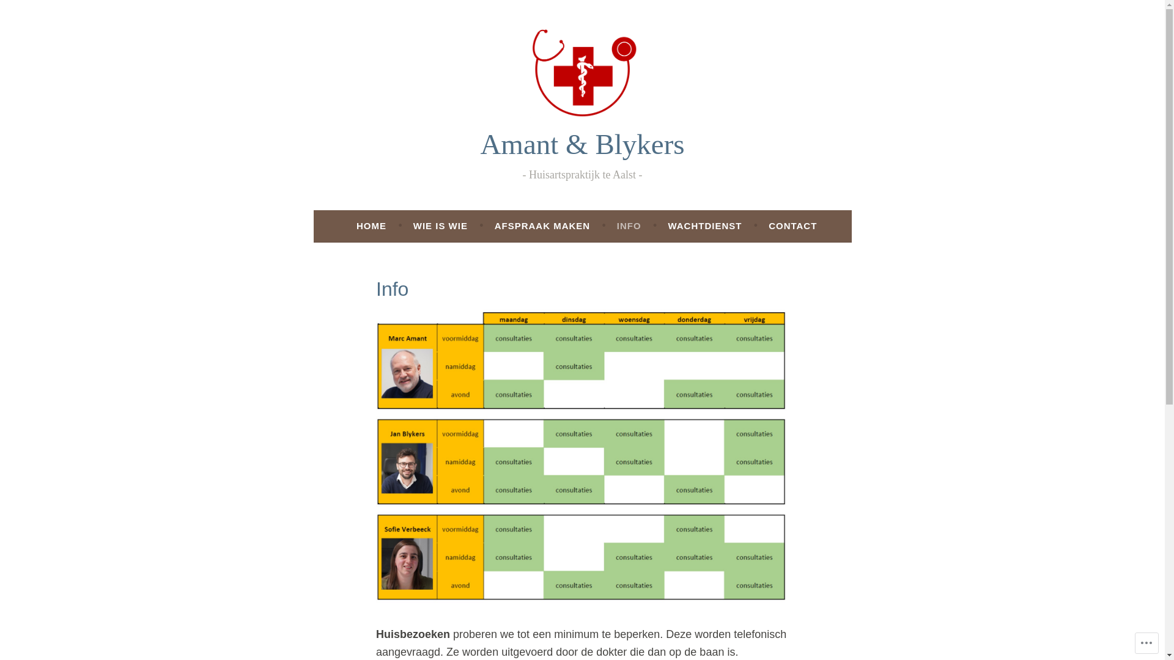 The width and height of the screenshot is (1174, 660). What do you see at coordinates (413, 226) in the screenshot?
I see `'WIE IS WIE'` at bounding box center [413, 226].